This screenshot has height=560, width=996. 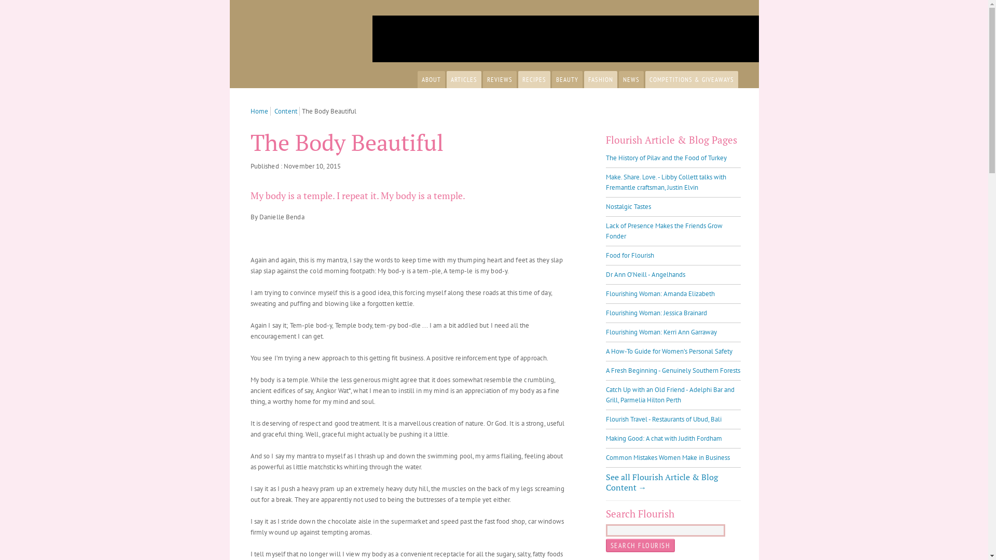 What do you see at coordinates (661, 332) in the screenshot?
I see `'Flourishing Woman: Kerri Ann Garraway'` at bounding box center [661, 332].